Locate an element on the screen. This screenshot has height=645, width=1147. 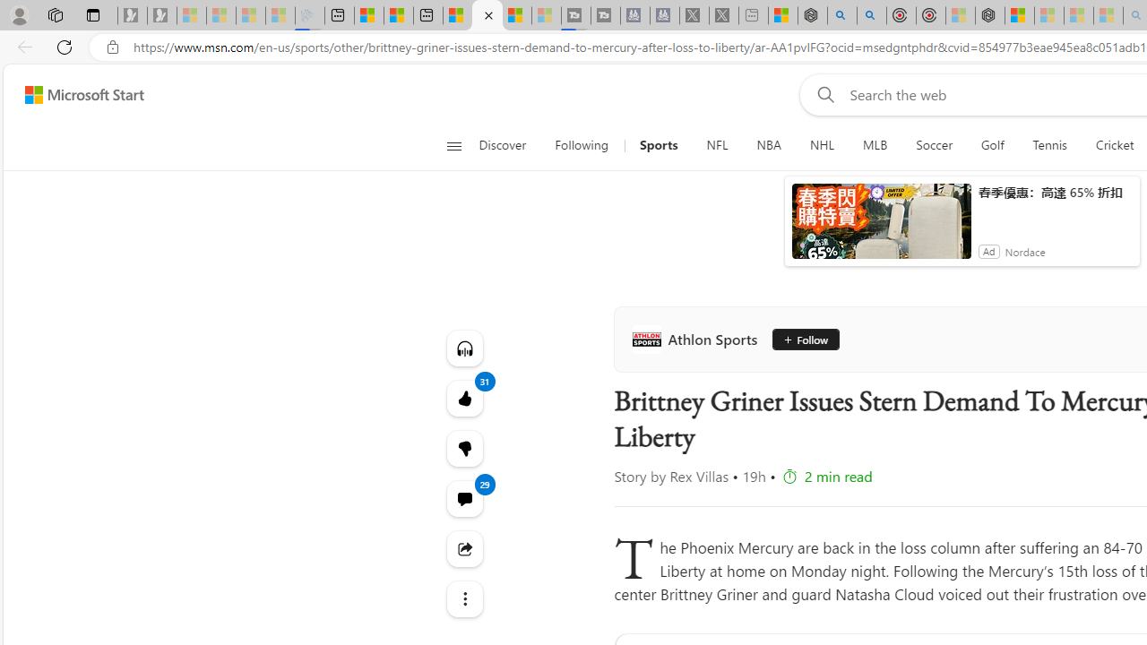
'Following' is located at coordinates (582, 145).